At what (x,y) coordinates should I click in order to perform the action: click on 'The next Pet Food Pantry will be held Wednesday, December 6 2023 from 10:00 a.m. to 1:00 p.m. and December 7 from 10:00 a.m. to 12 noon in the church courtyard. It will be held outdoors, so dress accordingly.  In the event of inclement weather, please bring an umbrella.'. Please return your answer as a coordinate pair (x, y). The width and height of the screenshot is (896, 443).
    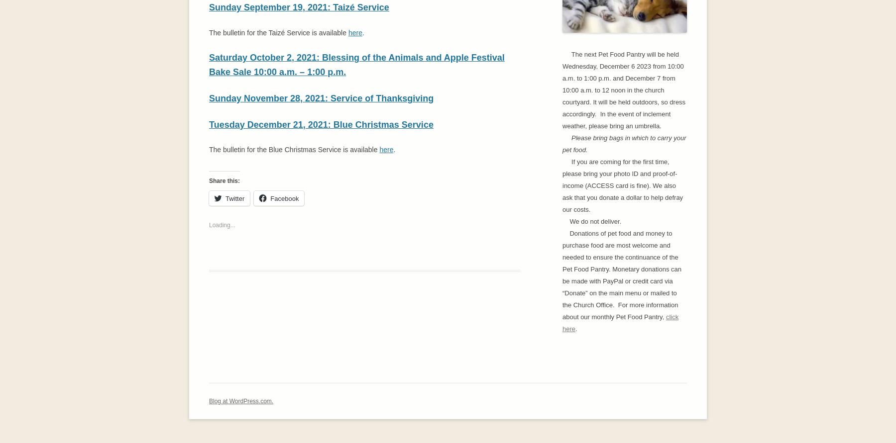
    Looking at the image, I should click on (624, 89).